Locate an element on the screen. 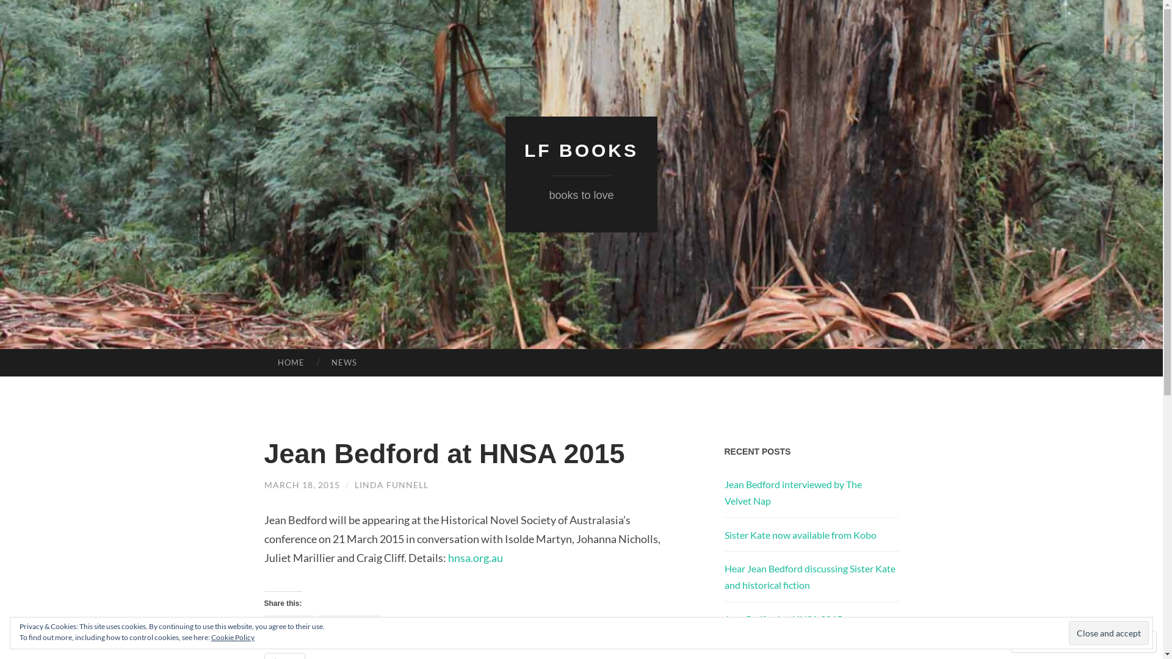  'Comment' is located at coordinates (1043, 641).